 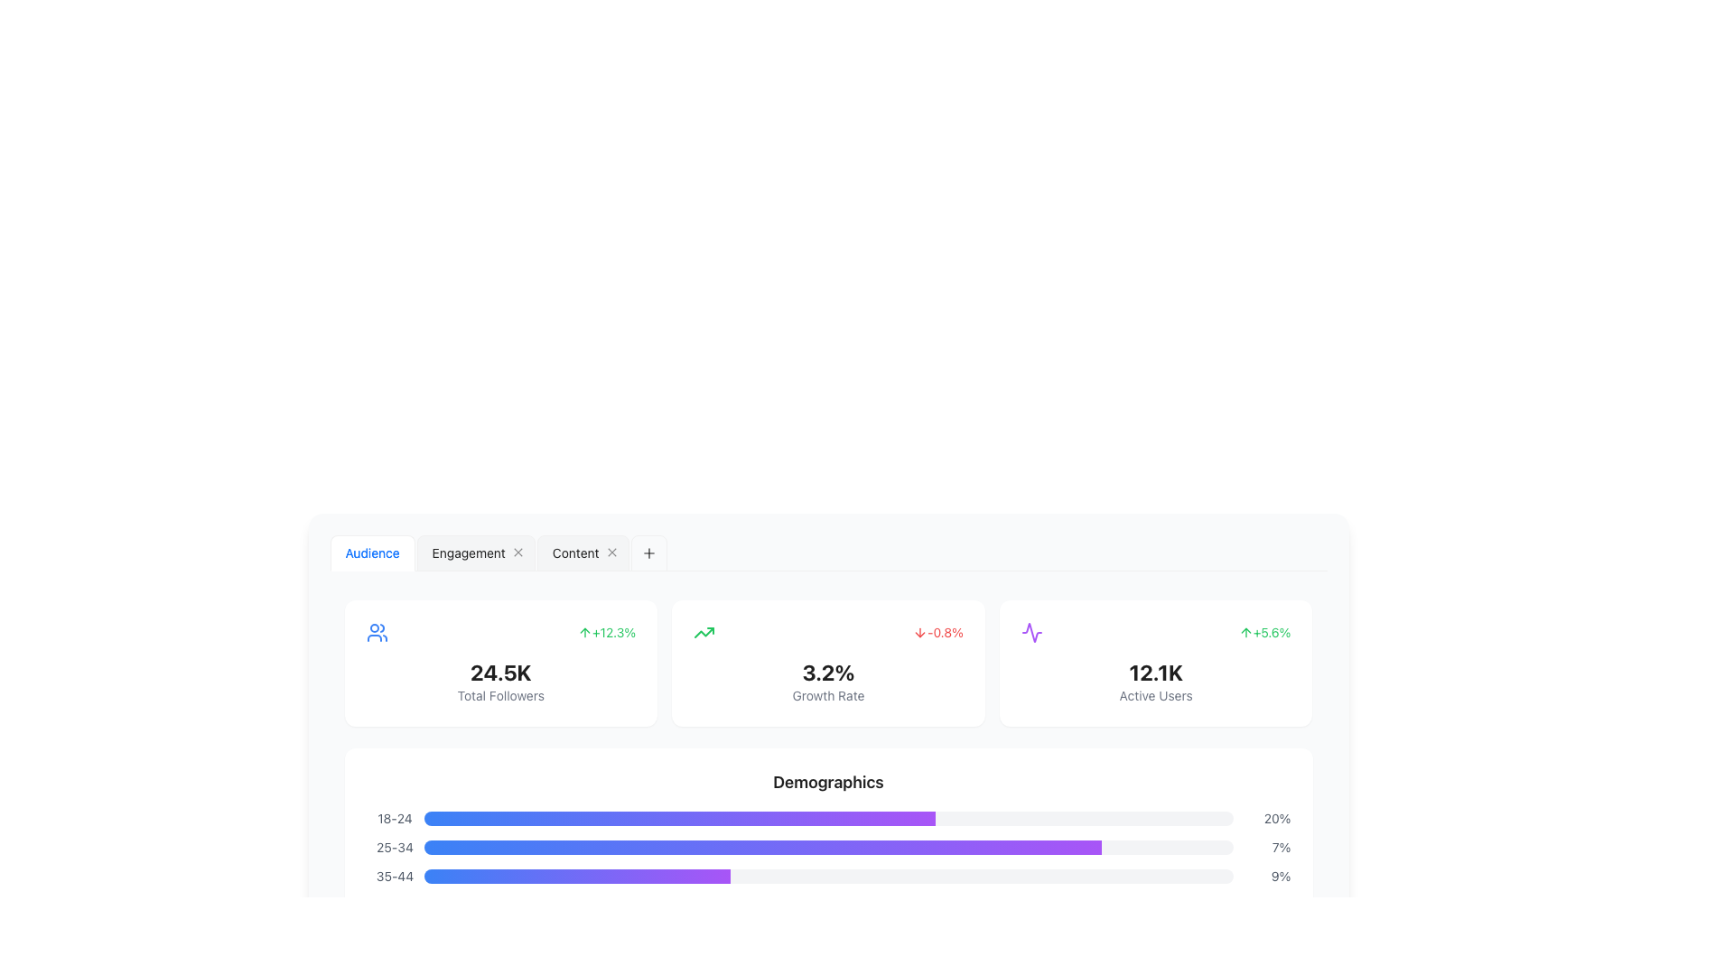 I want to click on positive percentage change indicator located in the top-right corner of the card, which is next to the larger value '12.1K', so click(x=1156, y=632).